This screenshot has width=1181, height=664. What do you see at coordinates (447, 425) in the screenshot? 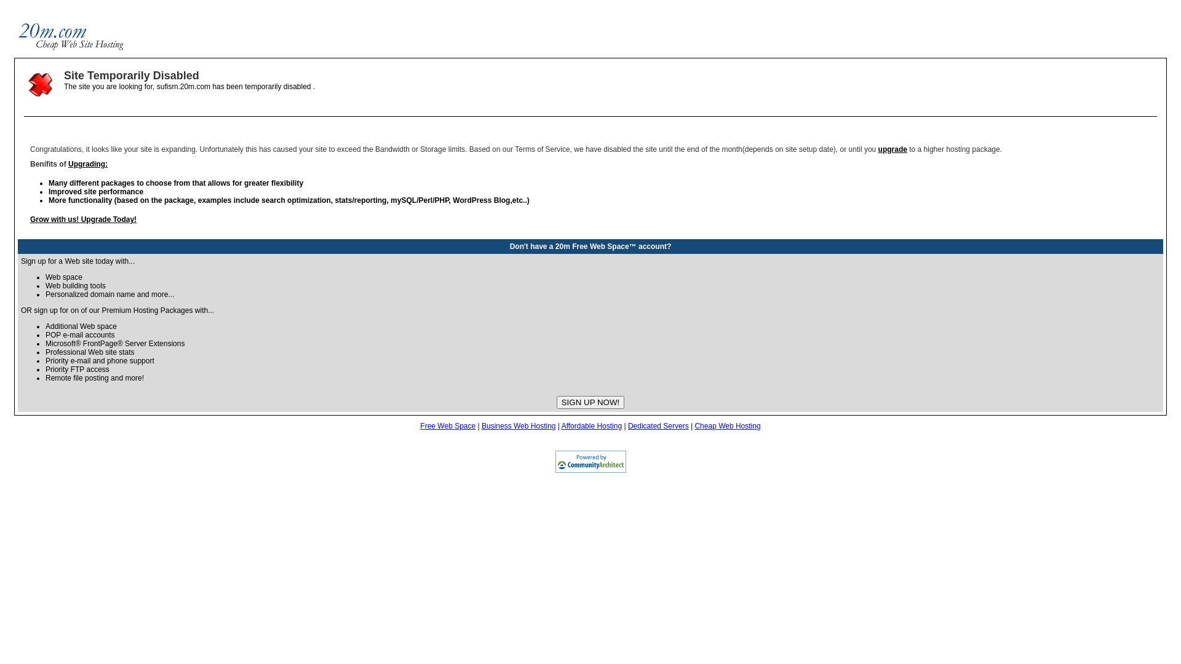
I see `'Free Web Space'` at bounding box center [447, 425].